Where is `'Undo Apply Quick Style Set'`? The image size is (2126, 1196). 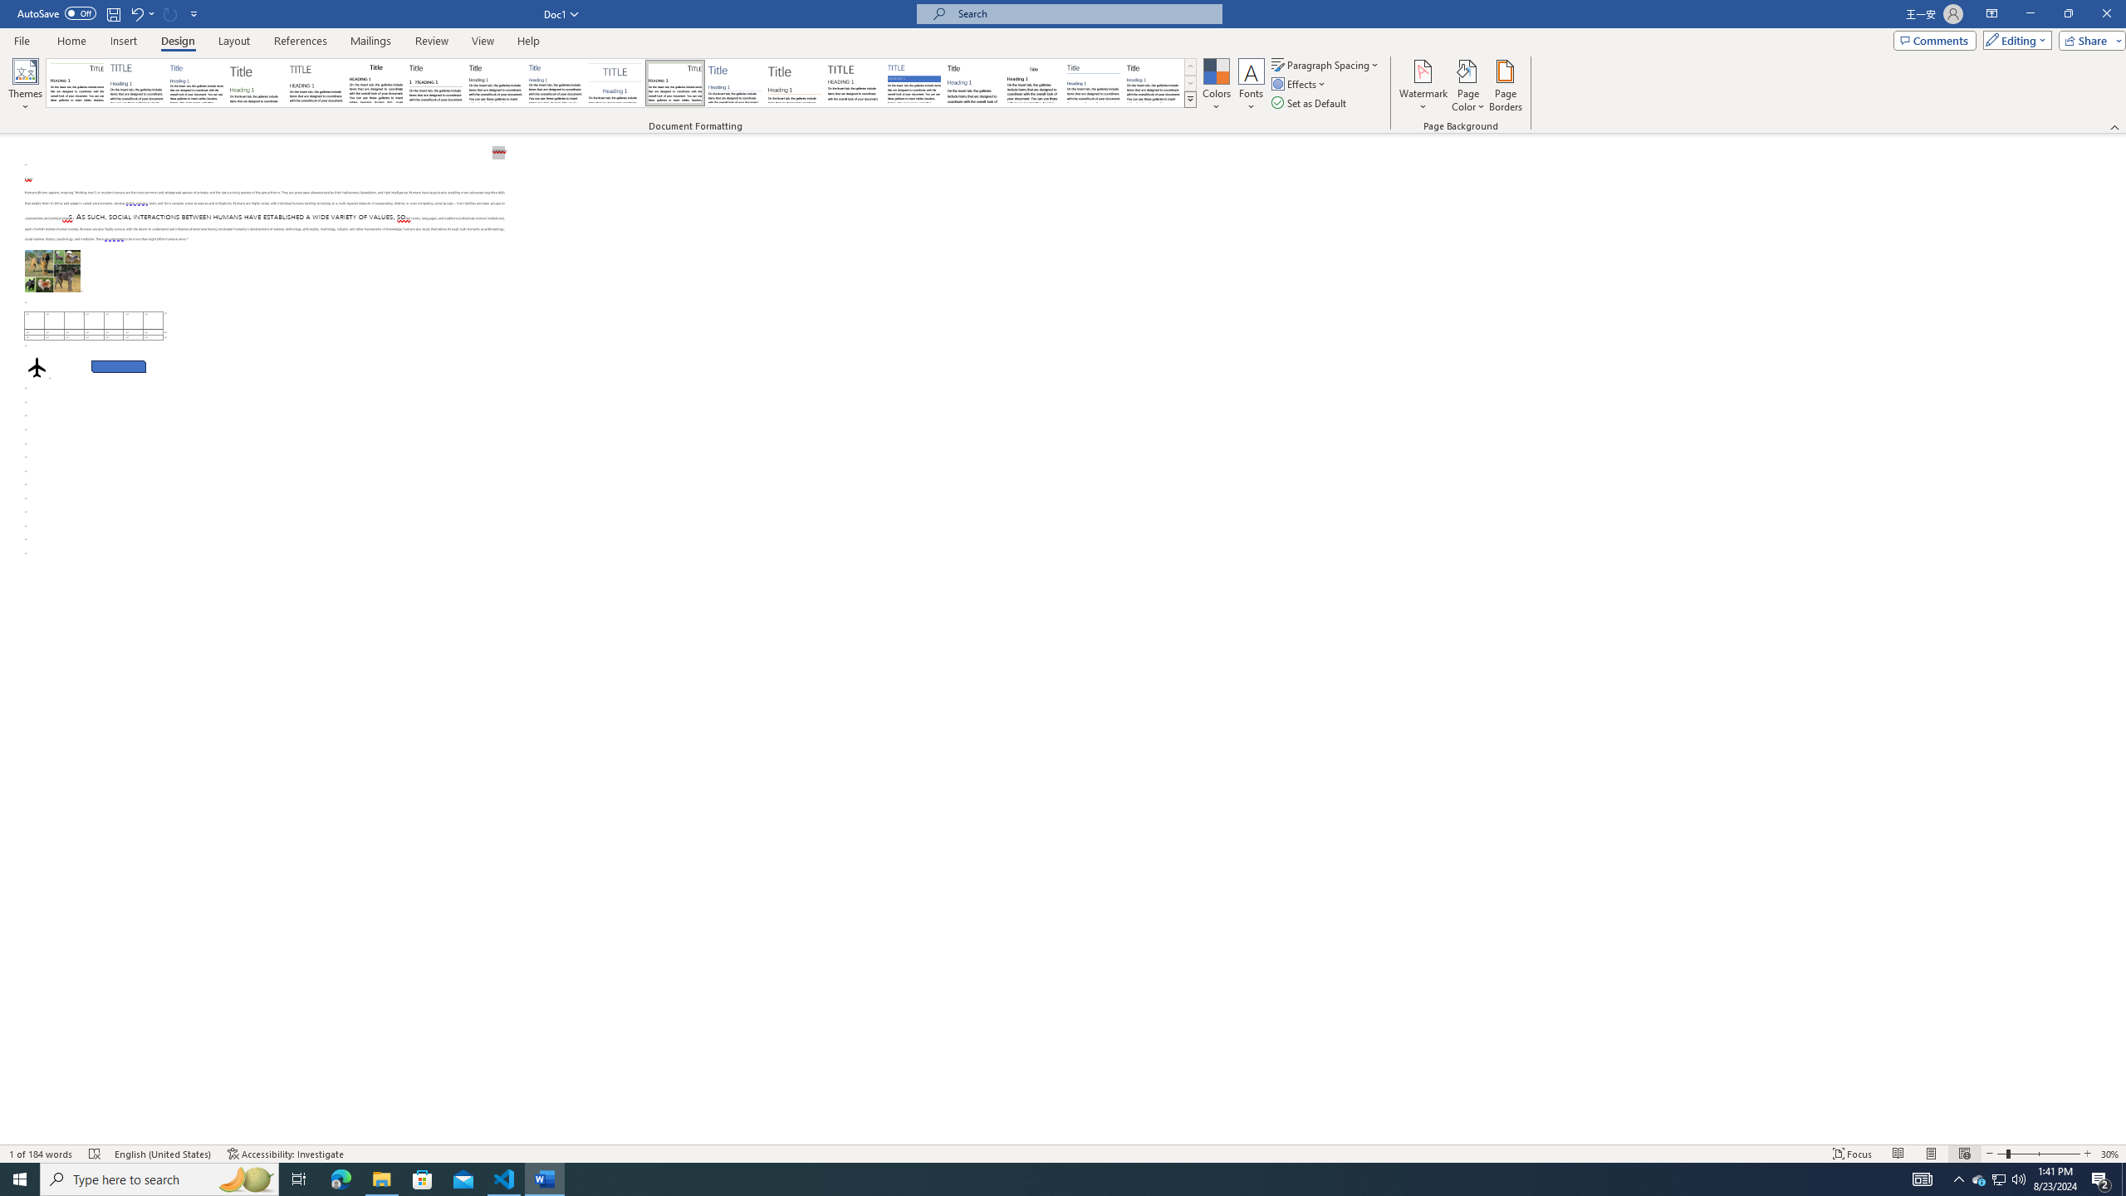 'Undo Apply Quick Style Set' is located at coordinates (135, 12).